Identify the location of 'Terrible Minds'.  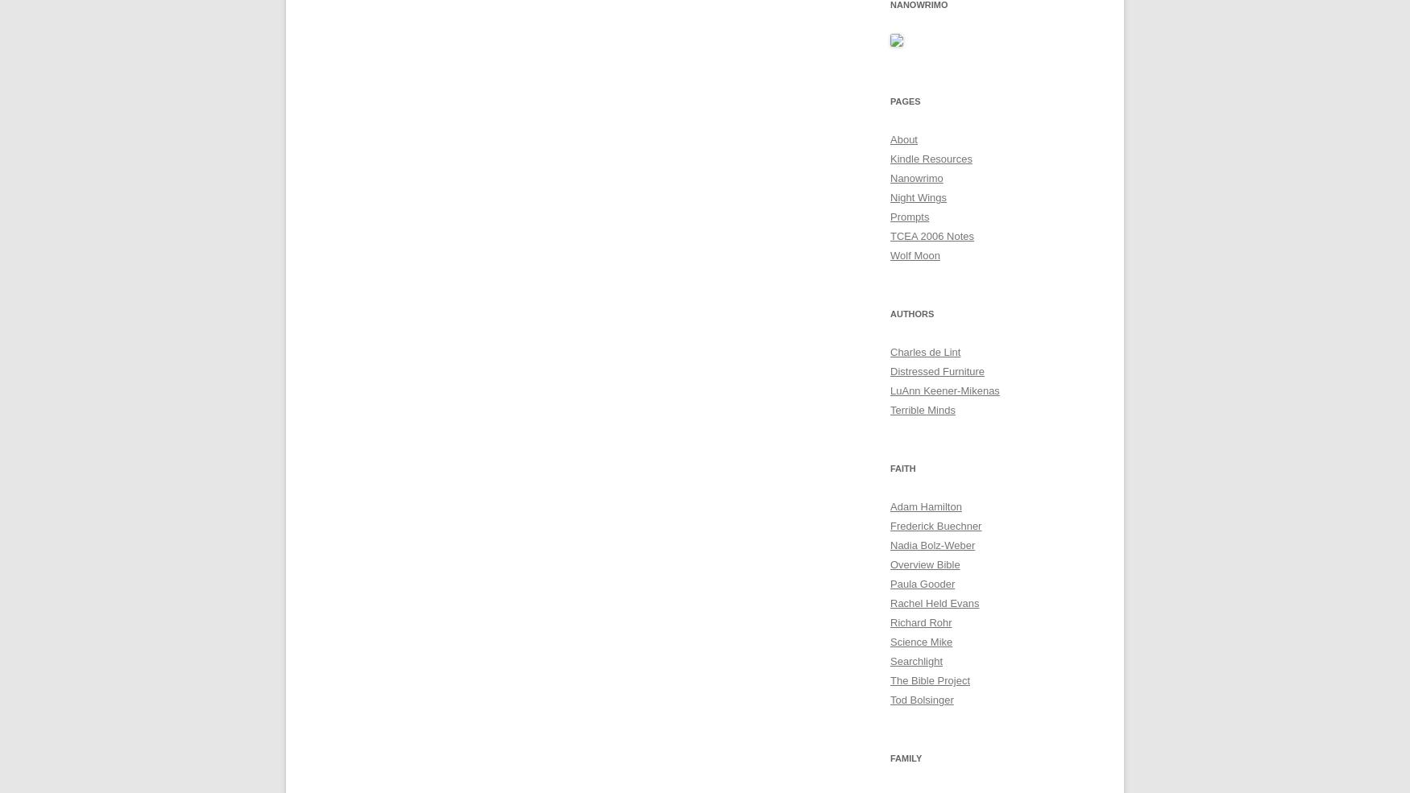
(922, 410).